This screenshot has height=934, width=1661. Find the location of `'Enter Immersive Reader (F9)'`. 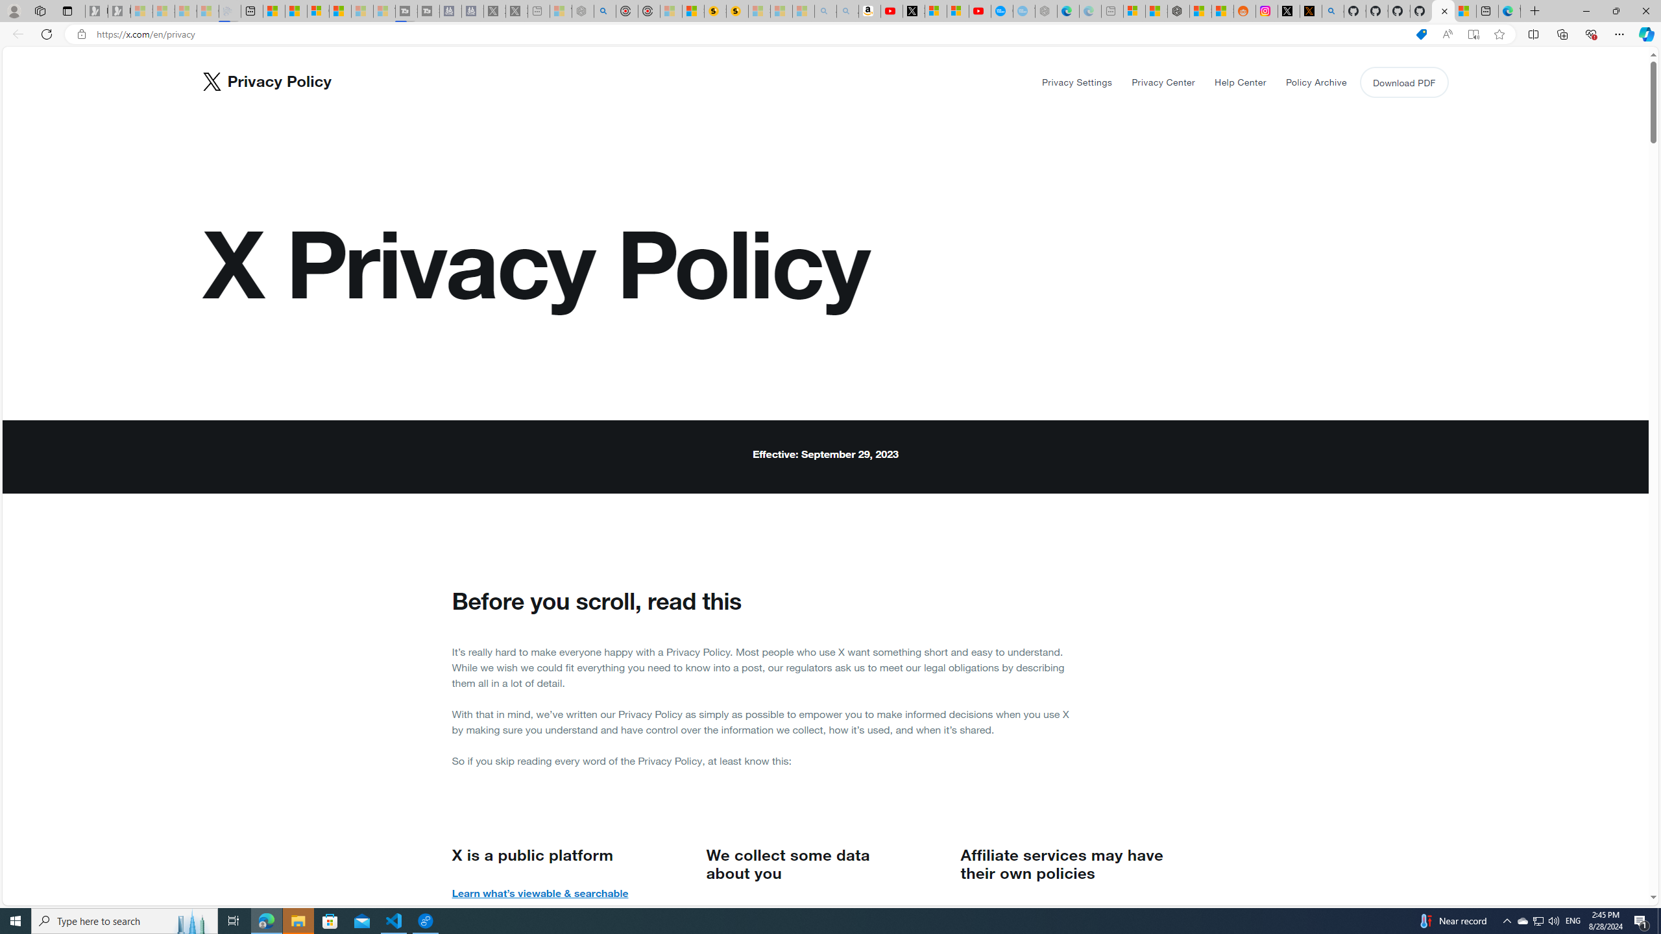

'Enter Immersive Reader (F9)' is located at coordinates (1473, 34).